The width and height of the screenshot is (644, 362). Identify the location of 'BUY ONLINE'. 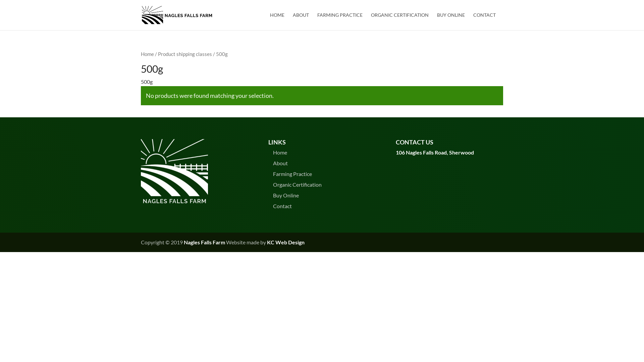
(451, 21).